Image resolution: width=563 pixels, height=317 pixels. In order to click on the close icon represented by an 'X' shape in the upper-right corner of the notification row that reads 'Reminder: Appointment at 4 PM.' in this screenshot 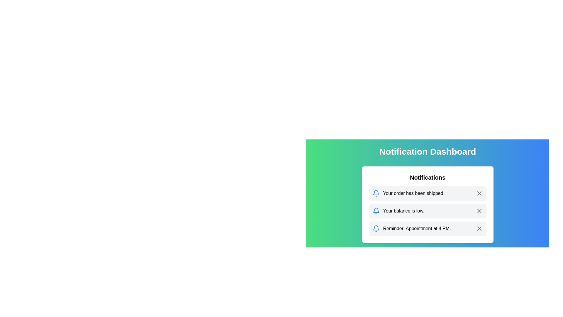, I will do `click(479, 228)`.